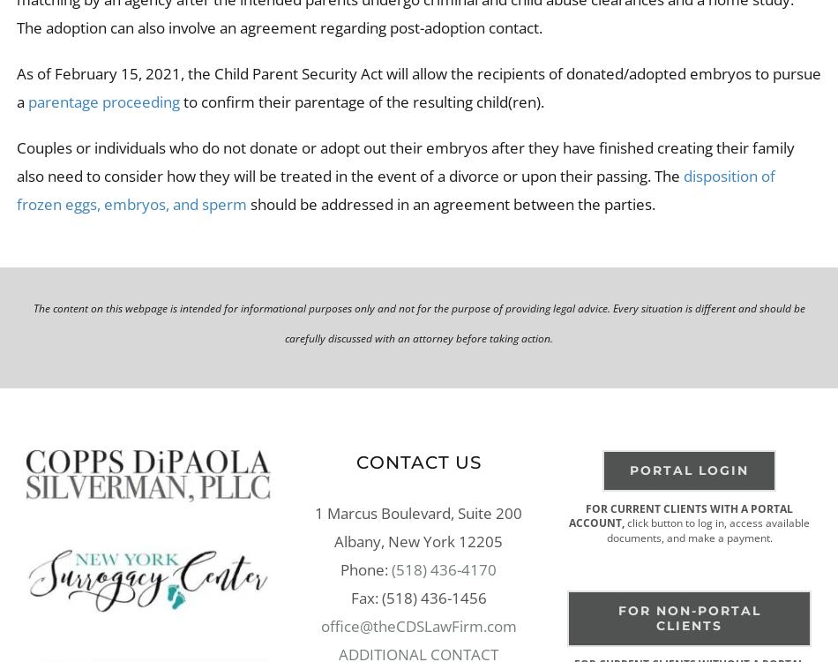 The width and height of the screenshot is (838, 662). I want to click on 'As of February 15, 2021, the Child Parent Security Act will allow the recipients of donated/adopted embryos to pursue a', so click(419, 87).